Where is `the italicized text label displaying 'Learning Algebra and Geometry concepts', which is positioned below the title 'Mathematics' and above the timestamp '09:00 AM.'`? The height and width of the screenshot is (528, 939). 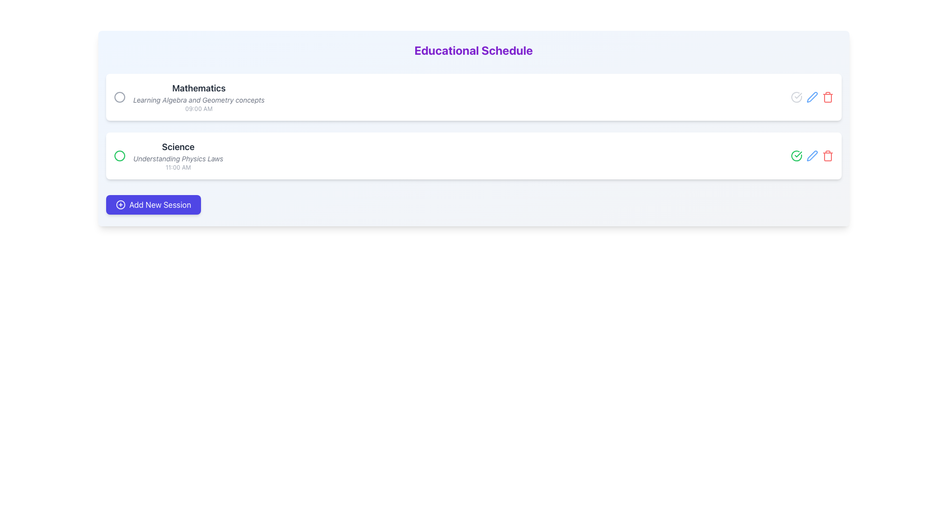 the italicized text label displaying 'Learning Algebra and Geometry concepts', which is positioned below the title 'Mathematics' and above the timestamp '09:00 AM.' is located at coordinates (198, 100).